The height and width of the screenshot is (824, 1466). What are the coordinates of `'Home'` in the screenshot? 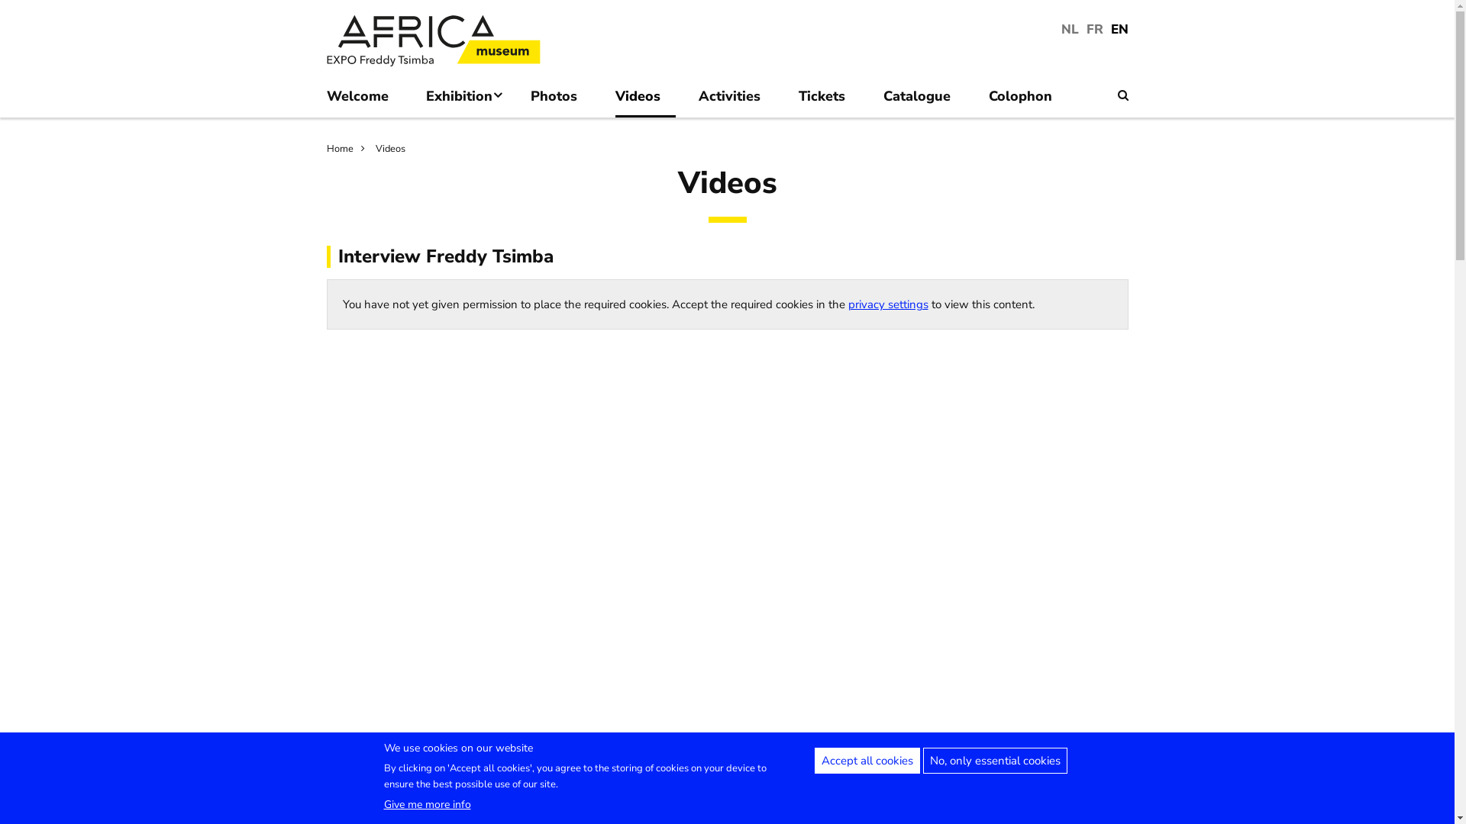 It's located at (348, 149).